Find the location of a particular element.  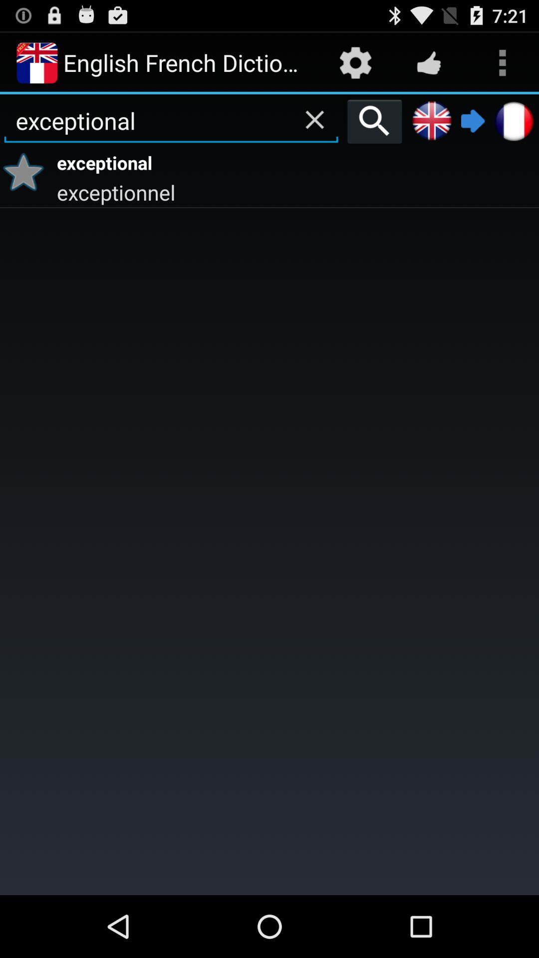

icon to the right of english french dictionary app is located at coordinates (355, 62).